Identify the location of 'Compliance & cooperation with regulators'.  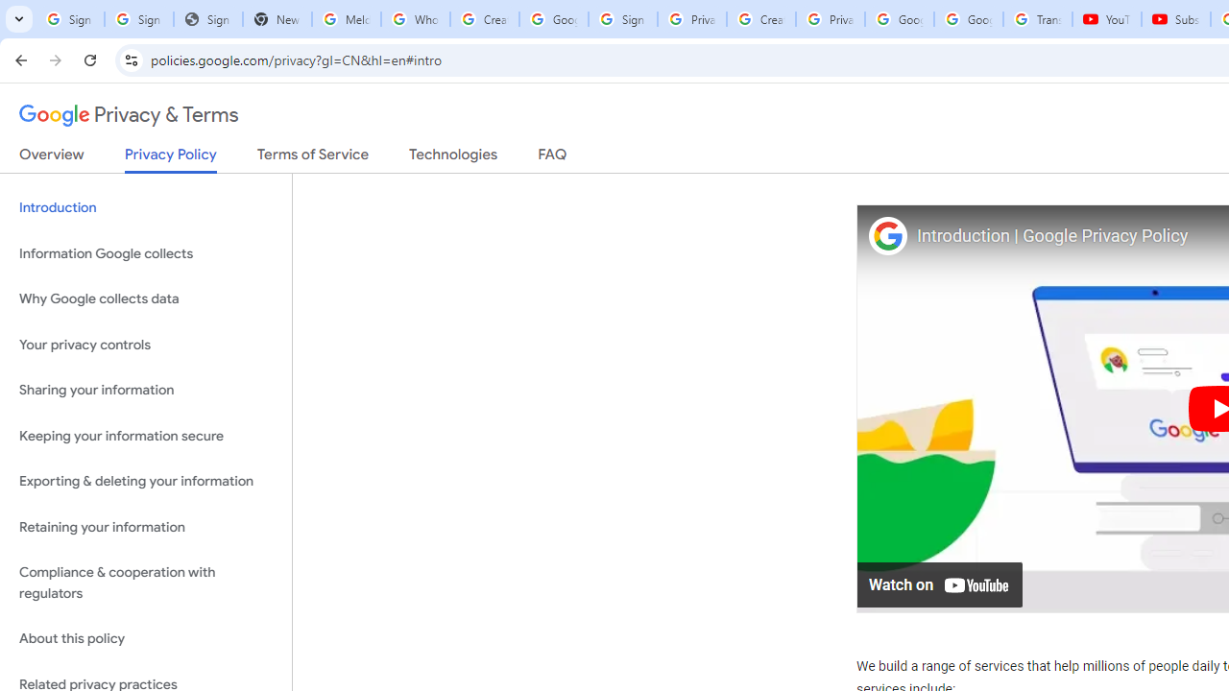
(145, 583).